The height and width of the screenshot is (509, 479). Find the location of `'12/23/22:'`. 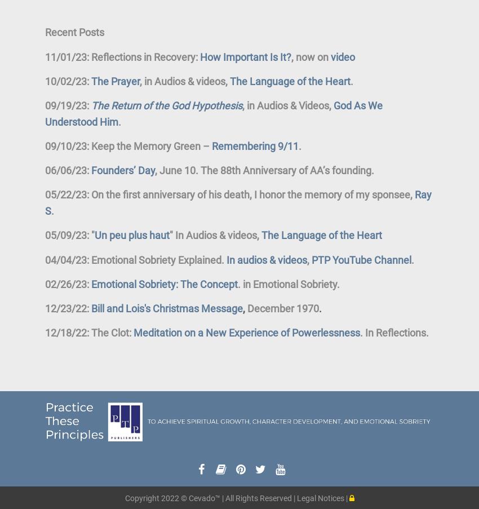

'12/23/22:' is located at coordinates (66, 307).